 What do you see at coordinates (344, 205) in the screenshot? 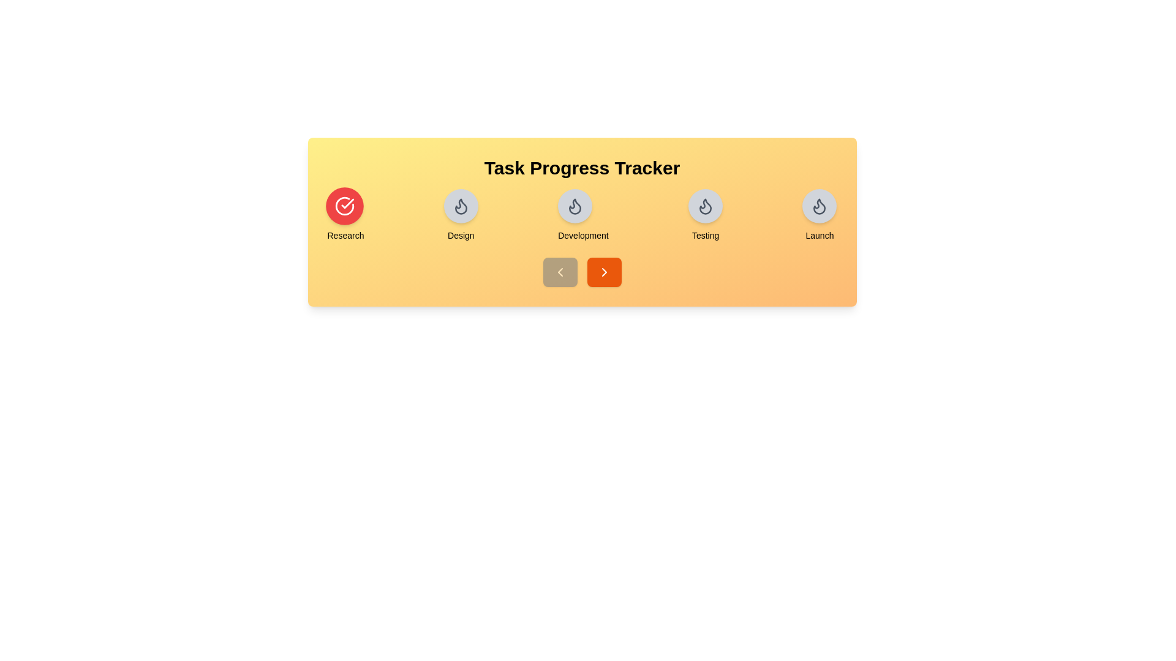
I see `the status of the task completion indicator icon located leftmost in the row beneath the 'Research' text, which signifies that the 'Research' stage is completed` at bounding box center [344, 205].